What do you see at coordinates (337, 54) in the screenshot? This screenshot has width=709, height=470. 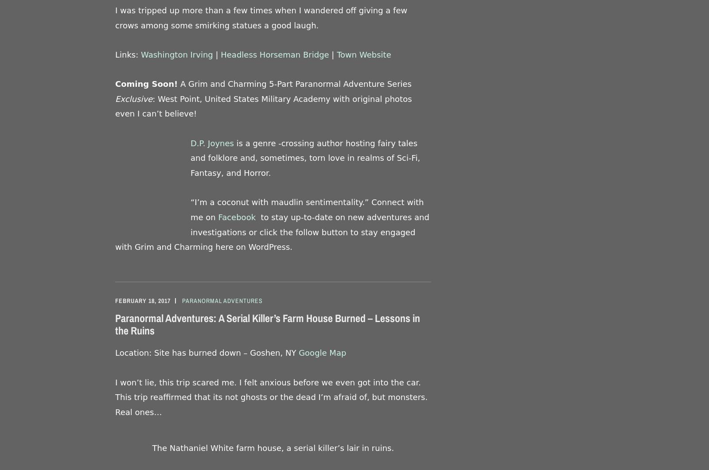 I see `'Town Website'` at bounding box center [337, 54].